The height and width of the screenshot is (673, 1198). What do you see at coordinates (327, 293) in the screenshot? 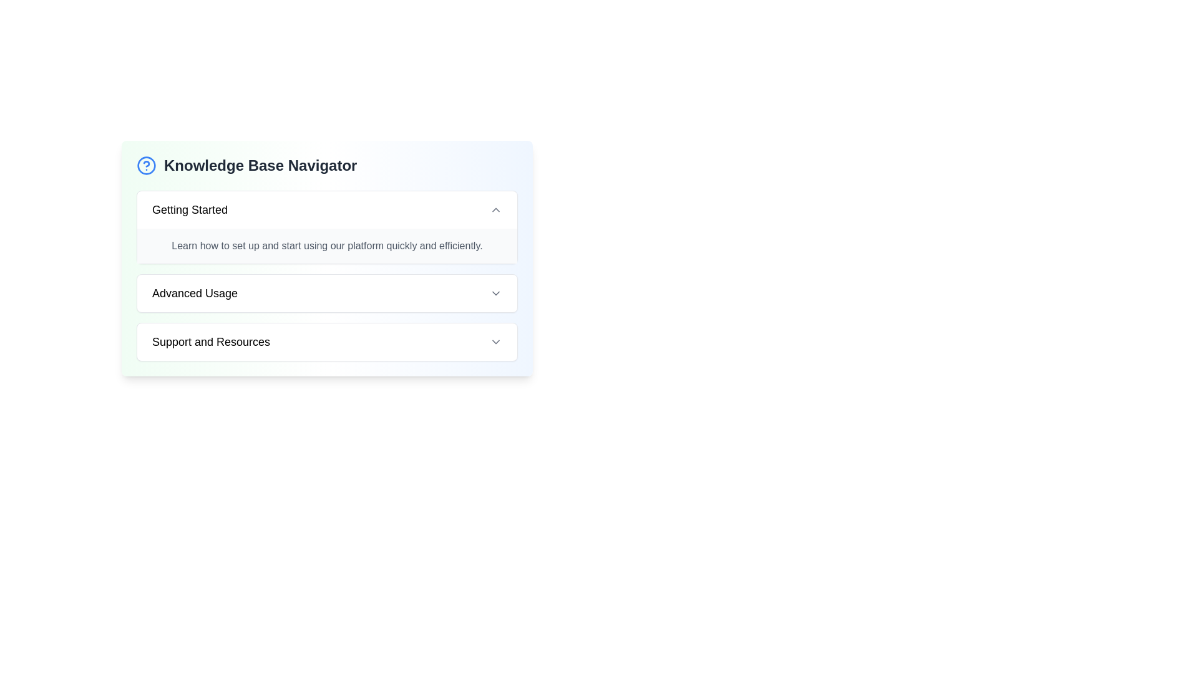
I see `the second selectable item in the vertical list of sections within the 'Knowledge Base Navigator' interface to change the background color` at bounding box center [327, 293].